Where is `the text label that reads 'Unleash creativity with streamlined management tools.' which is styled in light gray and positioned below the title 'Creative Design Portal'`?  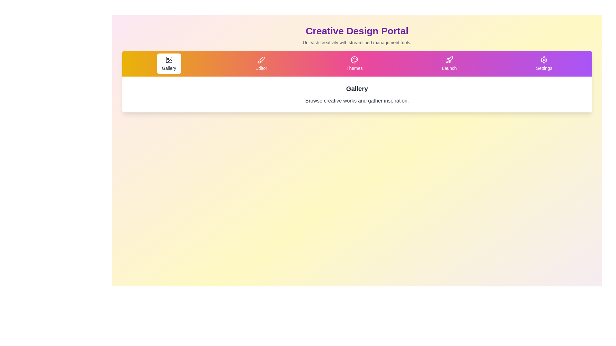 the text label that reads 'Unleash creativity with streamlined management tools.' which is styled in light gray and positioned below the title 'Creative Design Portal' is located at coordinates (357, 42).